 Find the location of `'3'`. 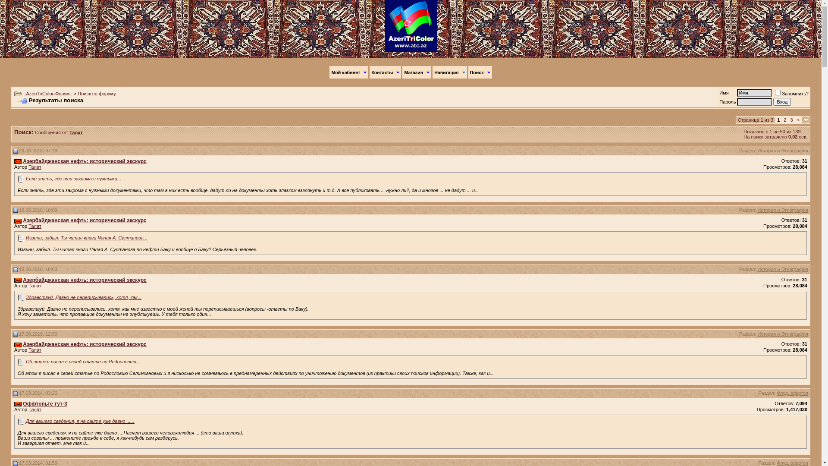

'3' is located at coordinates (791, 120).